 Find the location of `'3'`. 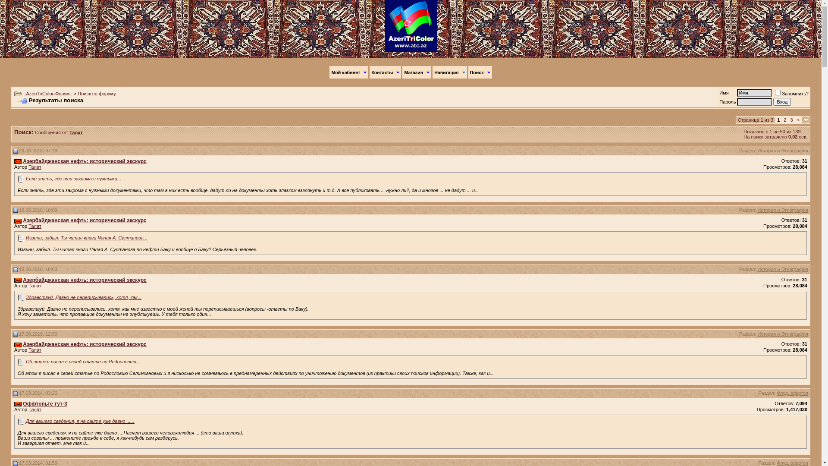

'3' is located at coordinates (791, 120).